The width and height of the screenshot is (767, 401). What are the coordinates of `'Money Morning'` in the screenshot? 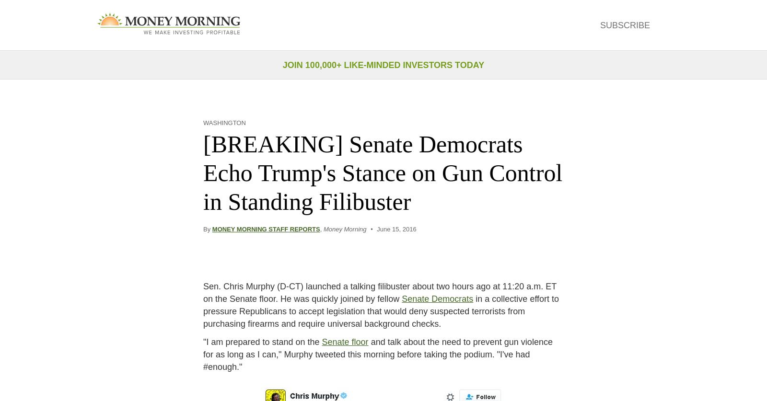 It's located at (345, 229).